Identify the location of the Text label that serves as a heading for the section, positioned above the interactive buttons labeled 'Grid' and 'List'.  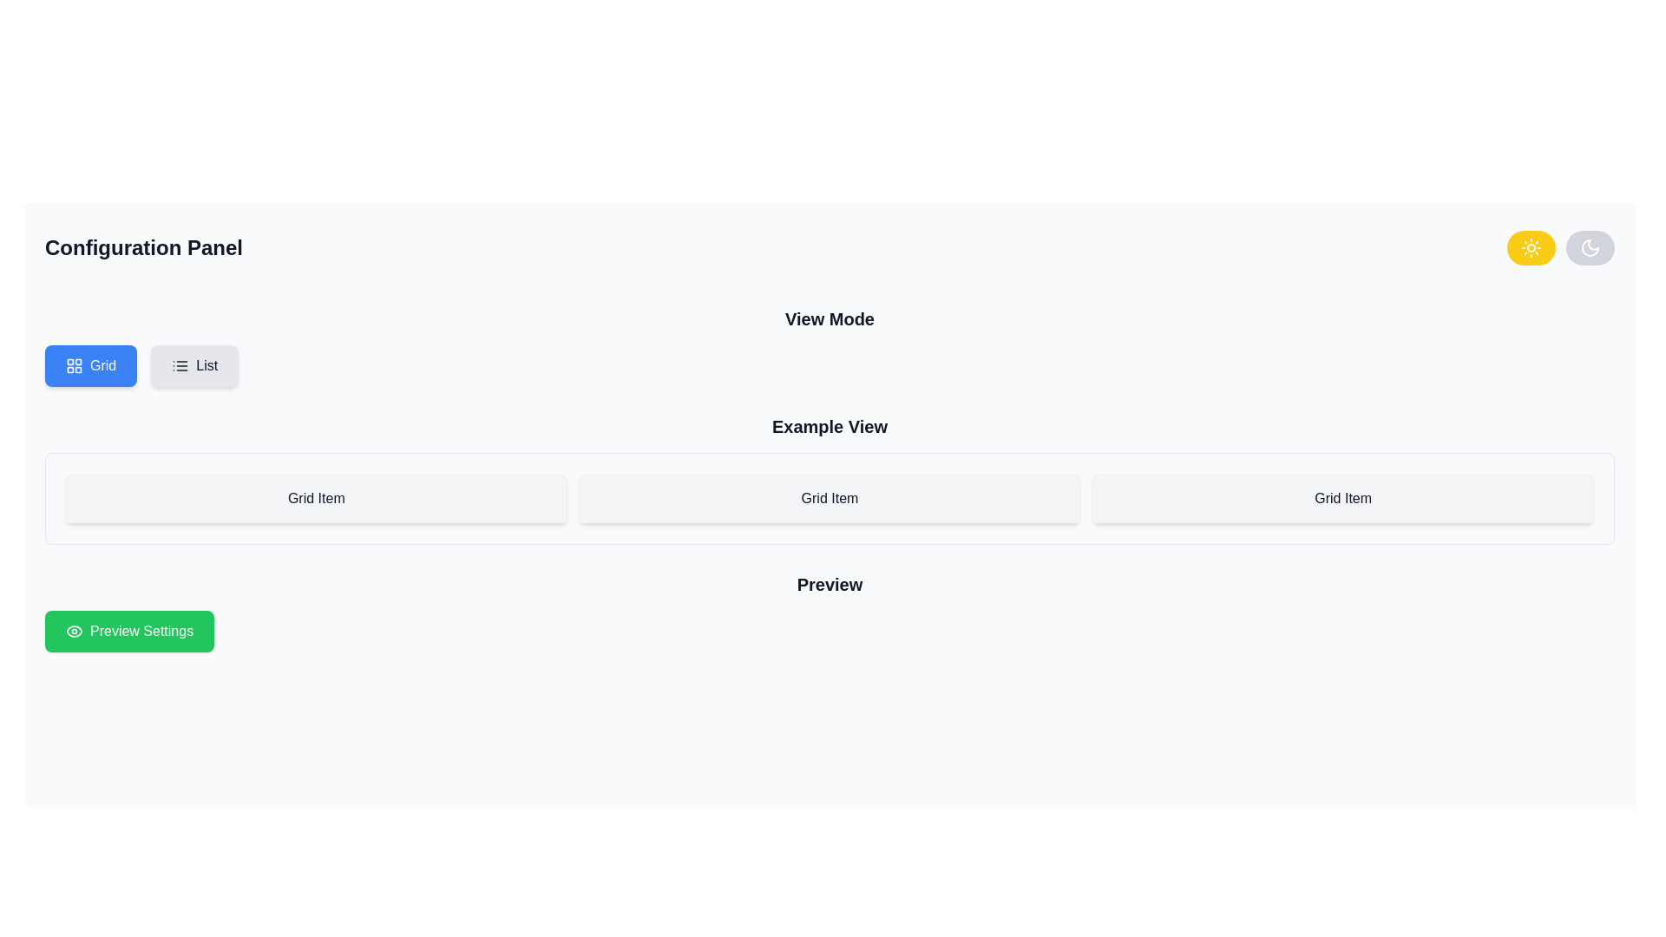
(829, 318).